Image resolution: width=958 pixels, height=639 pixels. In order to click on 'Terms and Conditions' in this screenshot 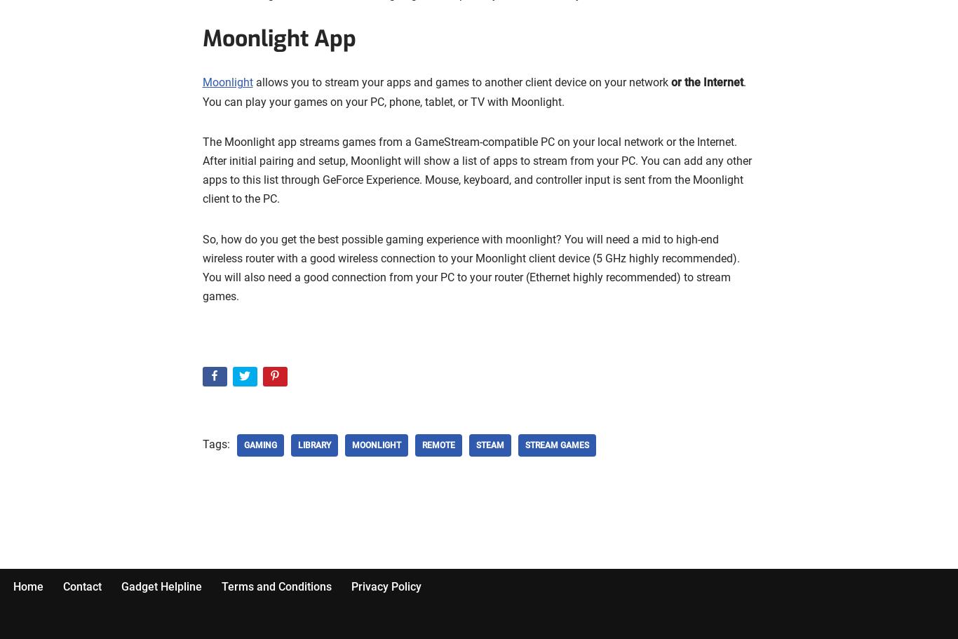, I will do `click(276, 585)`.